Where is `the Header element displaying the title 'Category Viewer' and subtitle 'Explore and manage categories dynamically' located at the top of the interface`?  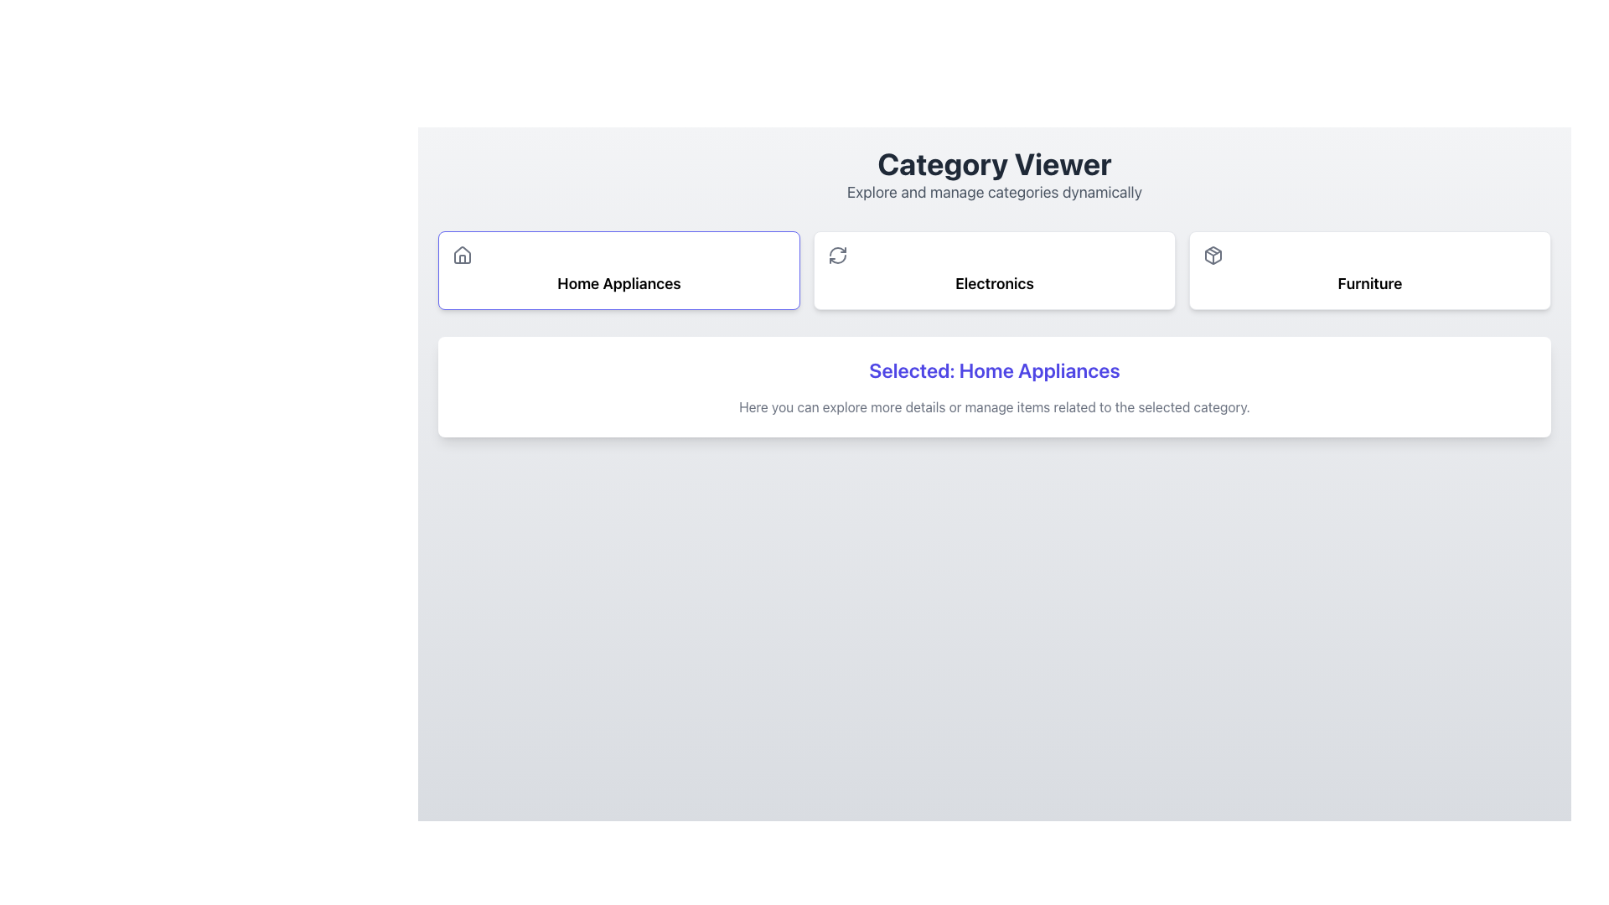
the Header element displaying the title 'Category Viewer' and subtitle 'Explore and manage categories dynamically' located at the top of the interface is located at coordinates (994, 175).